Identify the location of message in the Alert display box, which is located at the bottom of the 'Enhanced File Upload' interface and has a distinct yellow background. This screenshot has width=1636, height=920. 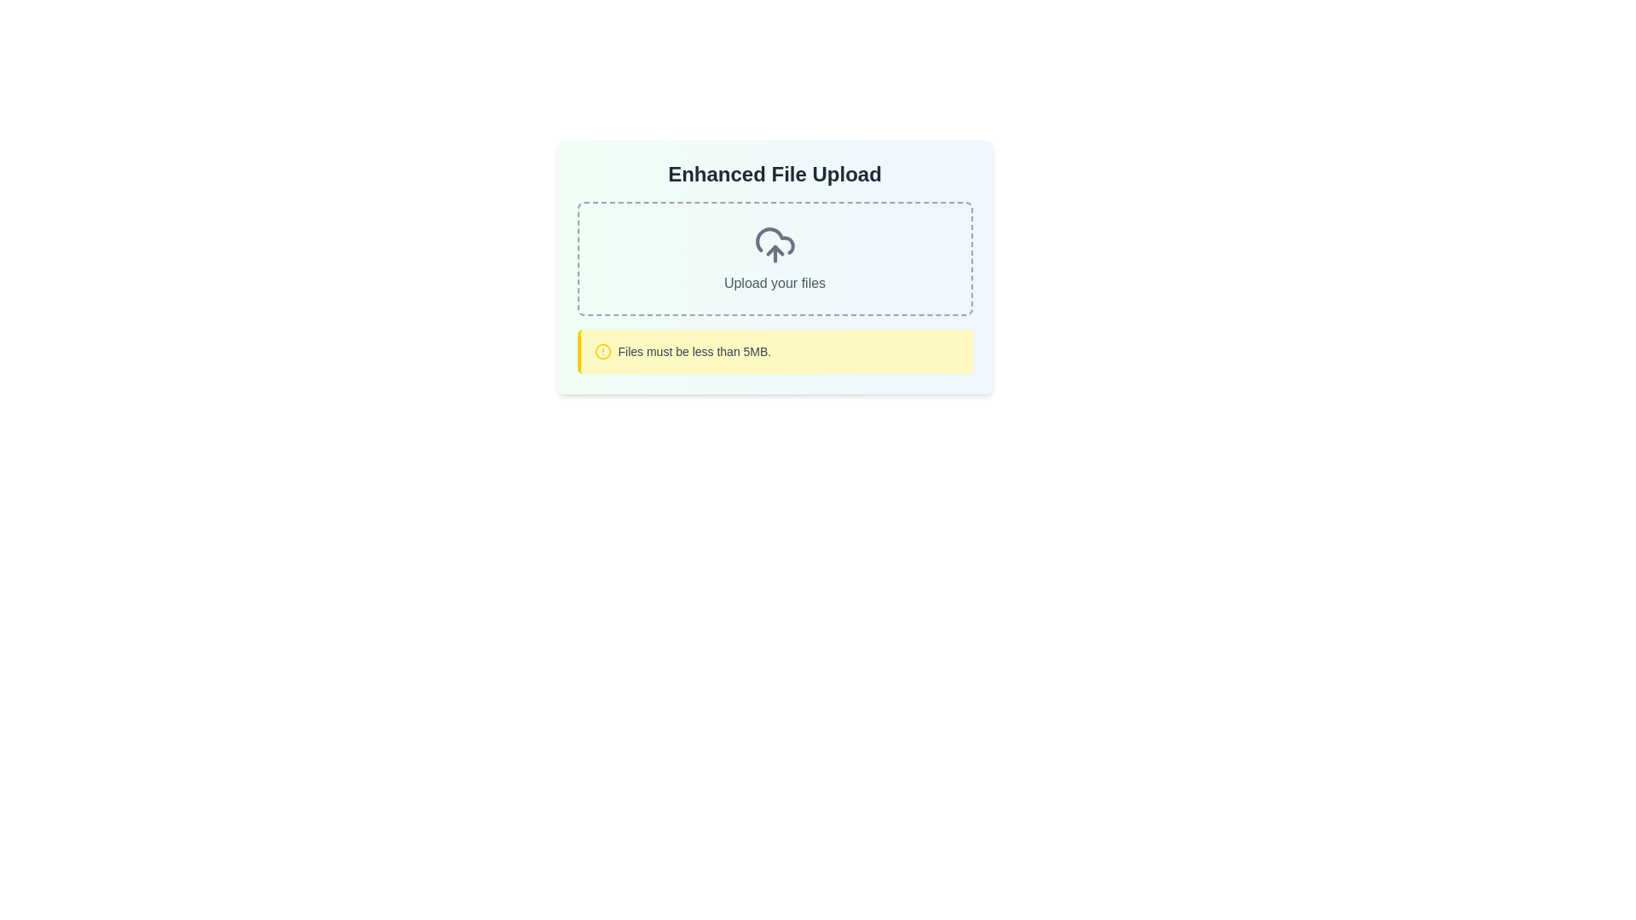
(774, 350).